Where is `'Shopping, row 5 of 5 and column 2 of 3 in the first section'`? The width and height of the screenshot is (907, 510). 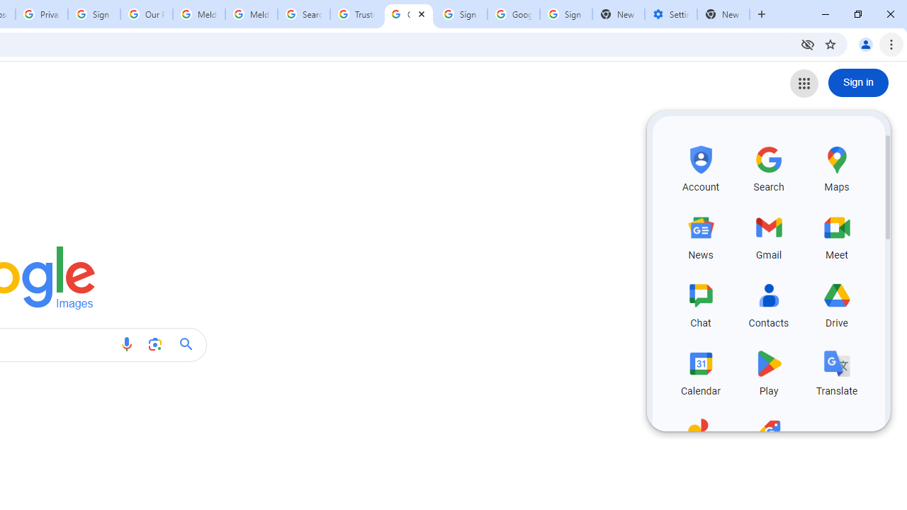
'Shopping, row 5 of 5 and column 2 of 3 in the first section' is located at coordinates (767, 438).